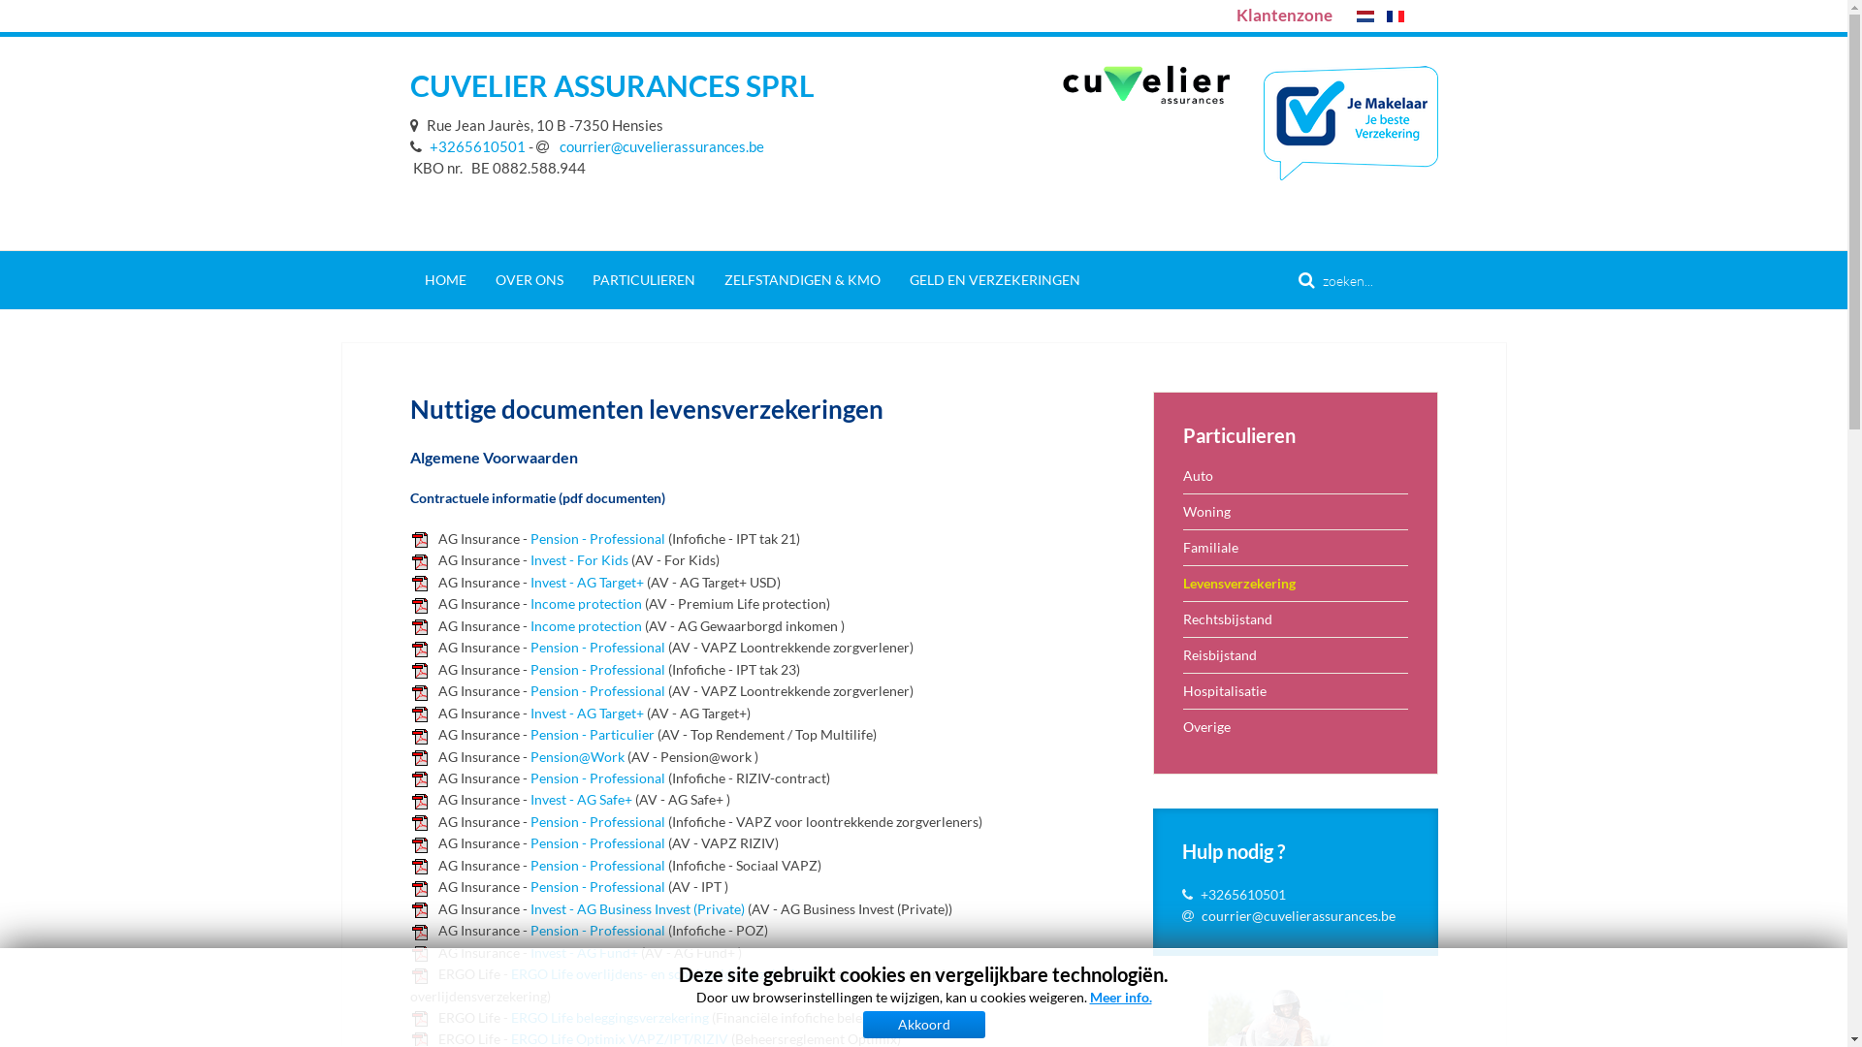  Describe the element at coordinates (585, 581) in the screenshot. I see `'Invest - AG Target+'` at that location.